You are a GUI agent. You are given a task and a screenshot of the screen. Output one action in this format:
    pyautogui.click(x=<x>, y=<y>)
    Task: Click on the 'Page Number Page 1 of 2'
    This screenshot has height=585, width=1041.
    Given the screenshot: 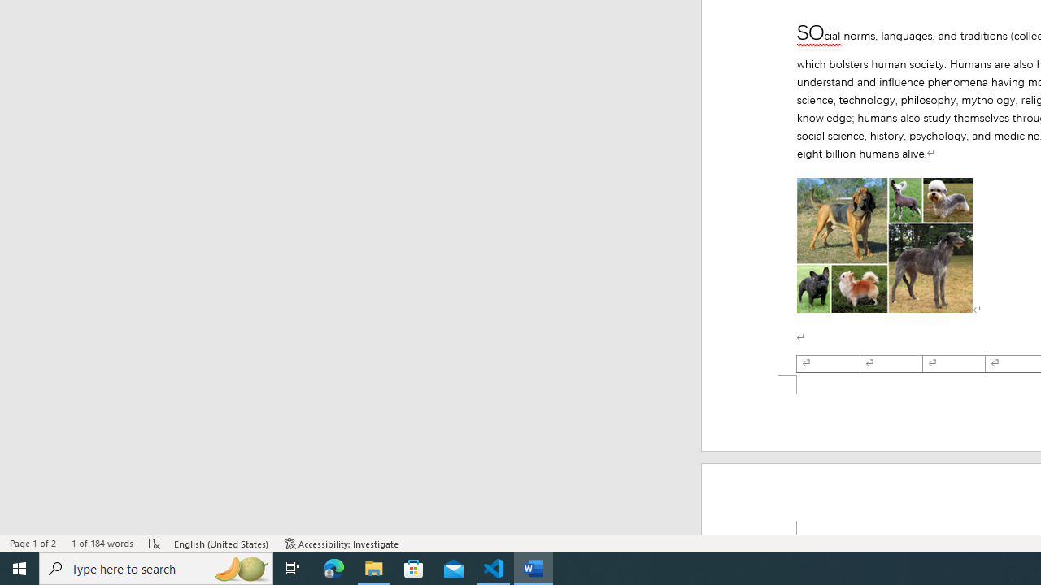 What is the action you would take?
    pyautogui.click(x=33, y=544)
    